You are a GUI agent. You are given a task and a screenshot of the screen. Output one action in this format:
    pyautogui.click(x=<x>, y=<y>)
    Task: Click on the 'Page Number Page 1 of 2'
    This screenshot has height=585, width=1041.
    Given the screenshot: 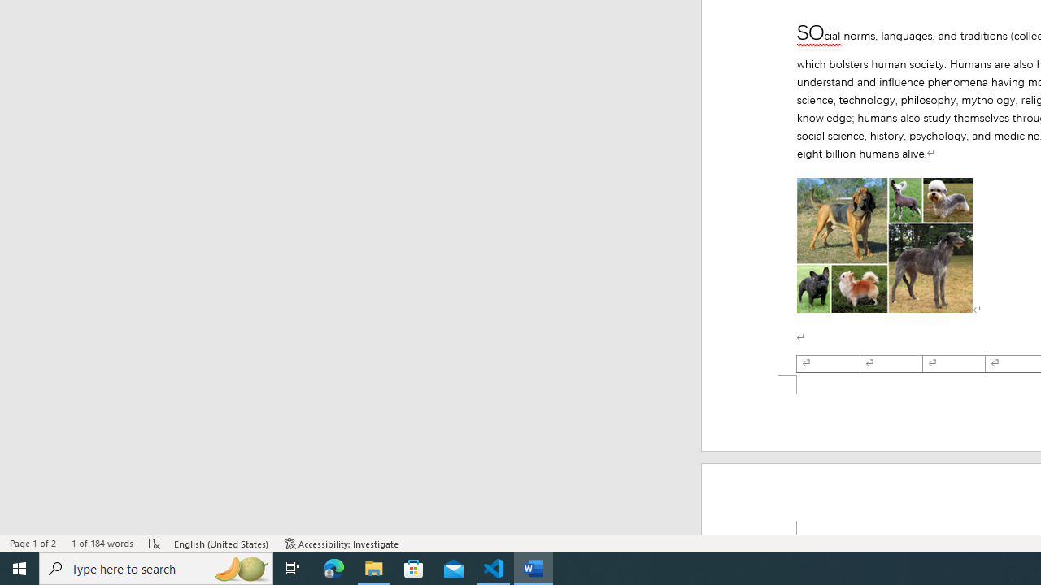 What is the action you would take?
    pyautogui.click(x=33, y=544)
    